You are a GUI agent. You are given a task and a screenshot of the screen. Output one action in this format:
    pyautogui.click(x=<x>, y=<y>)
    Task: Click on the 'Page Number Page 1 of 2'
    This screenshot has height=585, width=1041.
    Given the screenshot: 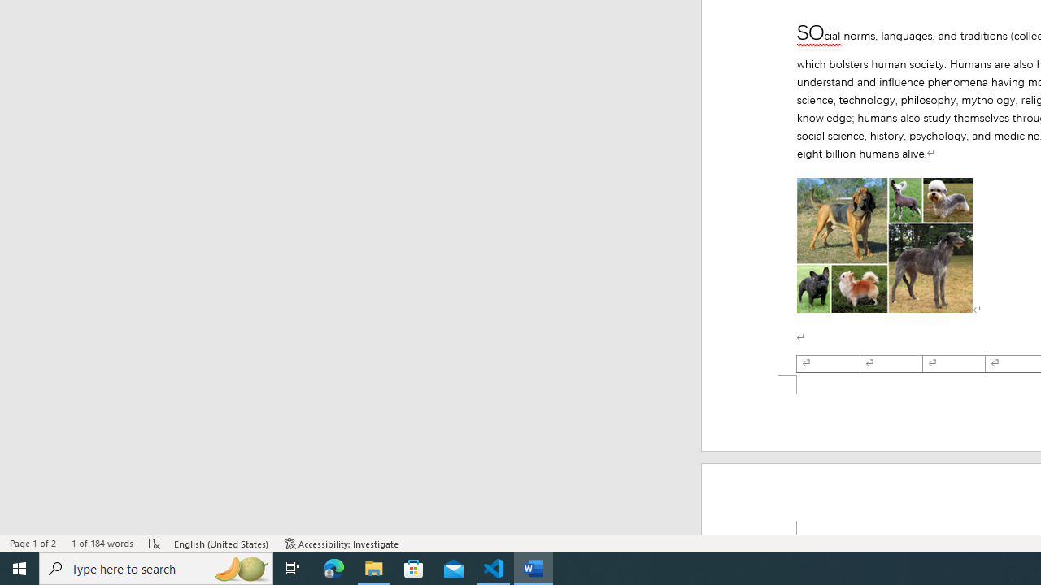 What is the action you would take?
    pyautogui.click(x=33, y=544)
    